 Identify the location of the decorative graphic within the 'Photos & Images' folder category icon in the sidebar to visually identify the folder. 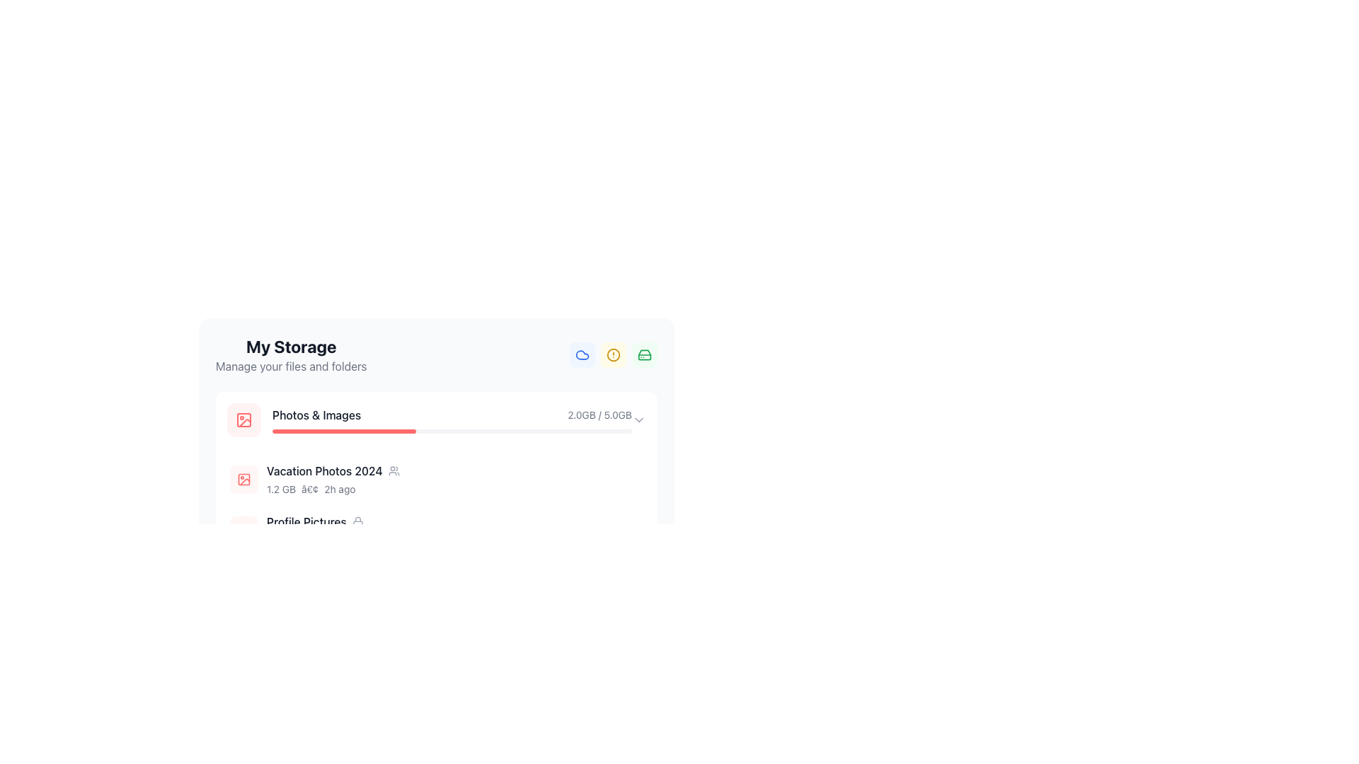
(244, 419).